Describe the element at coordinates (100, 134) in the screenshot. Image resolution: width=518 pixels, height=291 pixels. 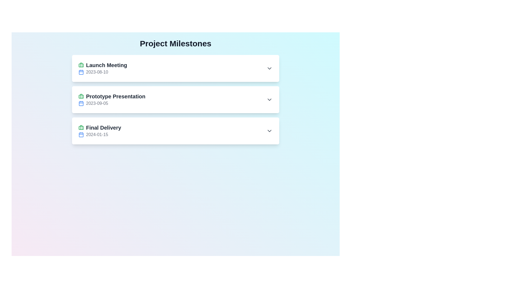
I see `the text label displaying the date '2024-01-15' that is part of the 'Final Delivery' milestone group, located to the right of the blue calendar icon` at that location.